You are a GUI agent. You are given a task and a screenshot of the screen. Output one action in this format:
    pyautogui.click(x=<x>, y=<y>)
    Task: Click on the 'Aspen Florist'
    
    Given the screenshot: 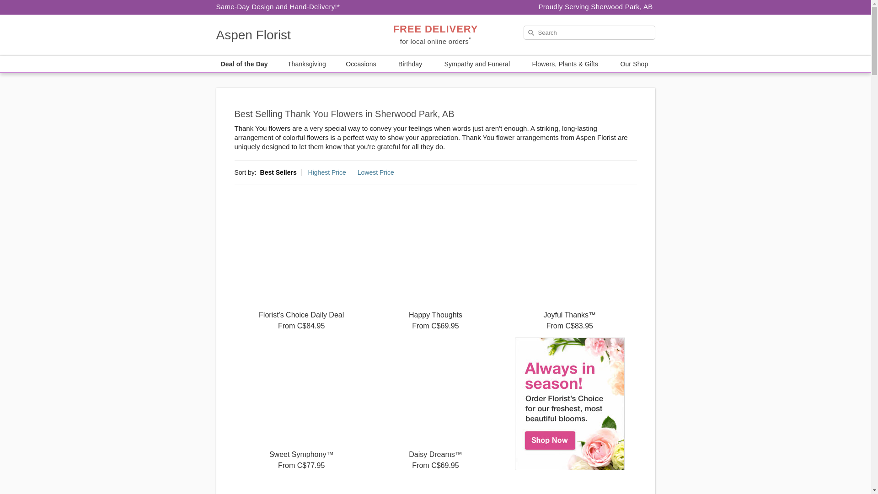 What is the action you would take?
    pyautogui.click(x=281, y=35)
    